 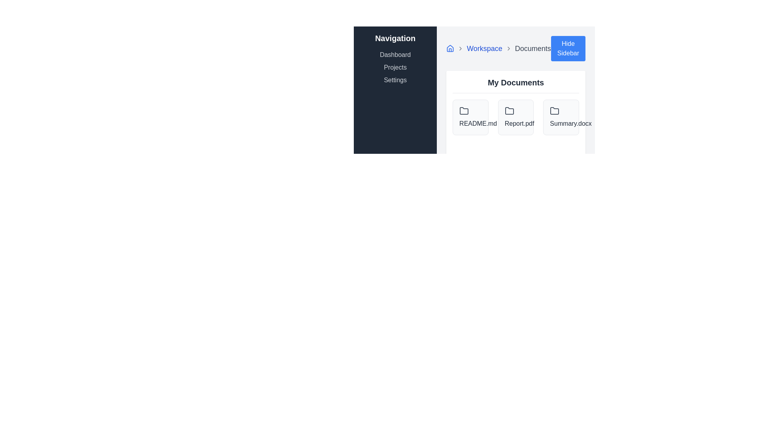 I want to click on the 'Settings' text label in the vertical navigation bar to trigger the hover effect, so click(x=395, y=80).